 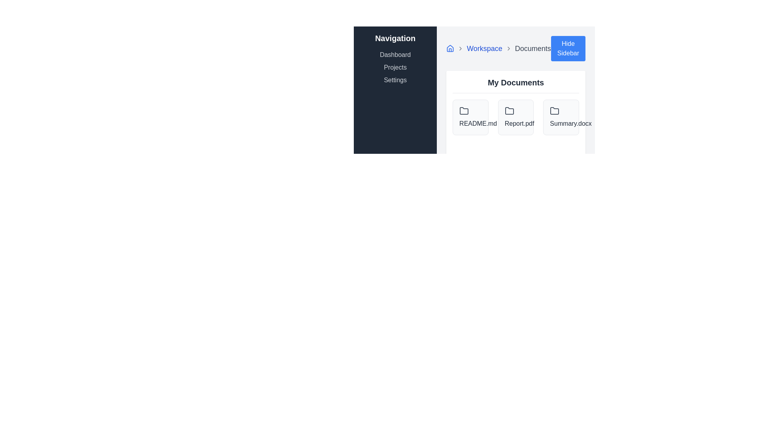 I want to click on the 'Settings' text label in the vertical navigation bar to trigger the hover effect, so click(x=395, y=80).